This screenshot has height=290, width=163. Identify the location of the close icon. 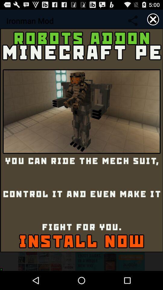
(153, 21).